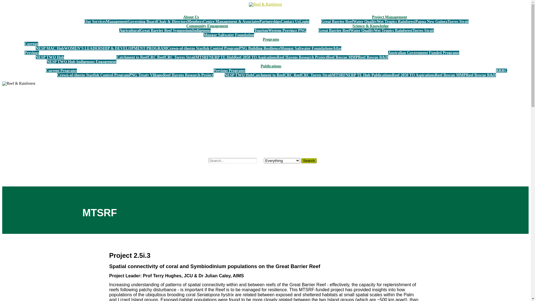  I want to click on 'NESP TWQ Hub Indigenous Engagement', so click(47, 62).